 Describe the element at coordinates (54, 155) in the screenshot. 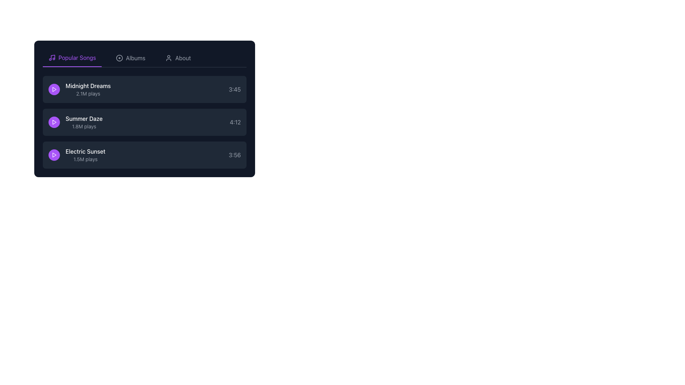

I see `the right-pointing triangular shape resembling a play button, which is part of an SVG in the song management interface` at that location.